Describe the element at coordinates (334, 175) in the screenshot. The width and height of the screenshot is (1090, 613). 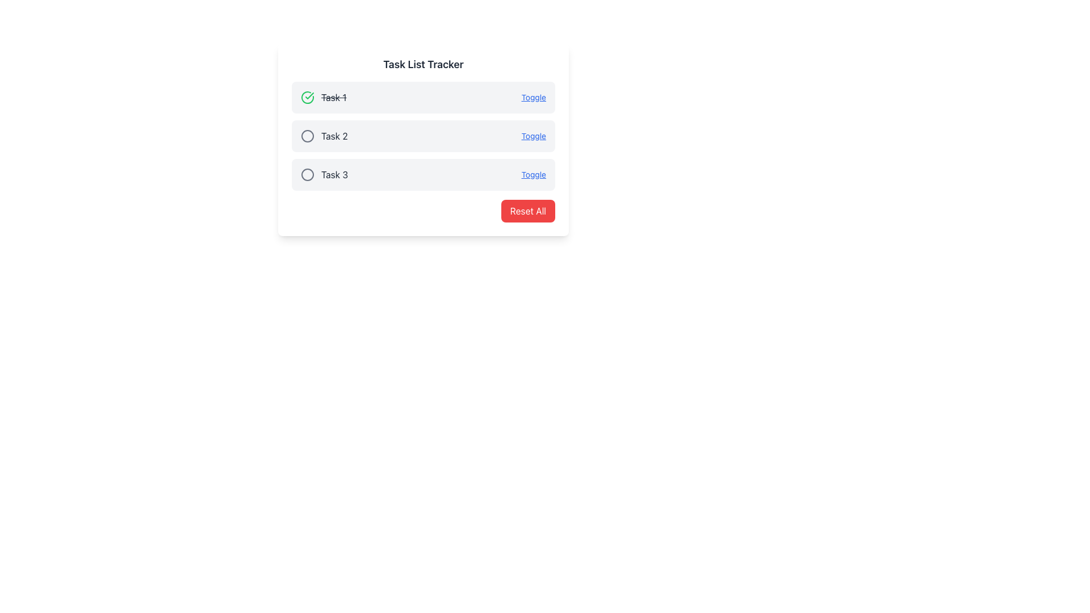
I see `to select or focus the task represented by the text label in the bottom row of the 'Task List Tracker' interface` at that location.